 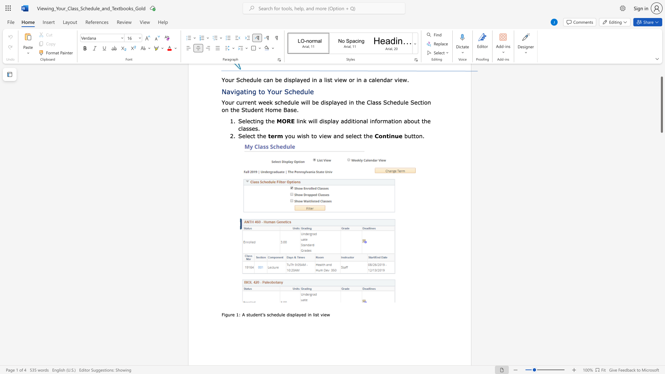 What do you see at coordinates (661, 105) in the screenshot?
I see `the scrollbar and move up 150 pixels` at bounding box center [661, 105].